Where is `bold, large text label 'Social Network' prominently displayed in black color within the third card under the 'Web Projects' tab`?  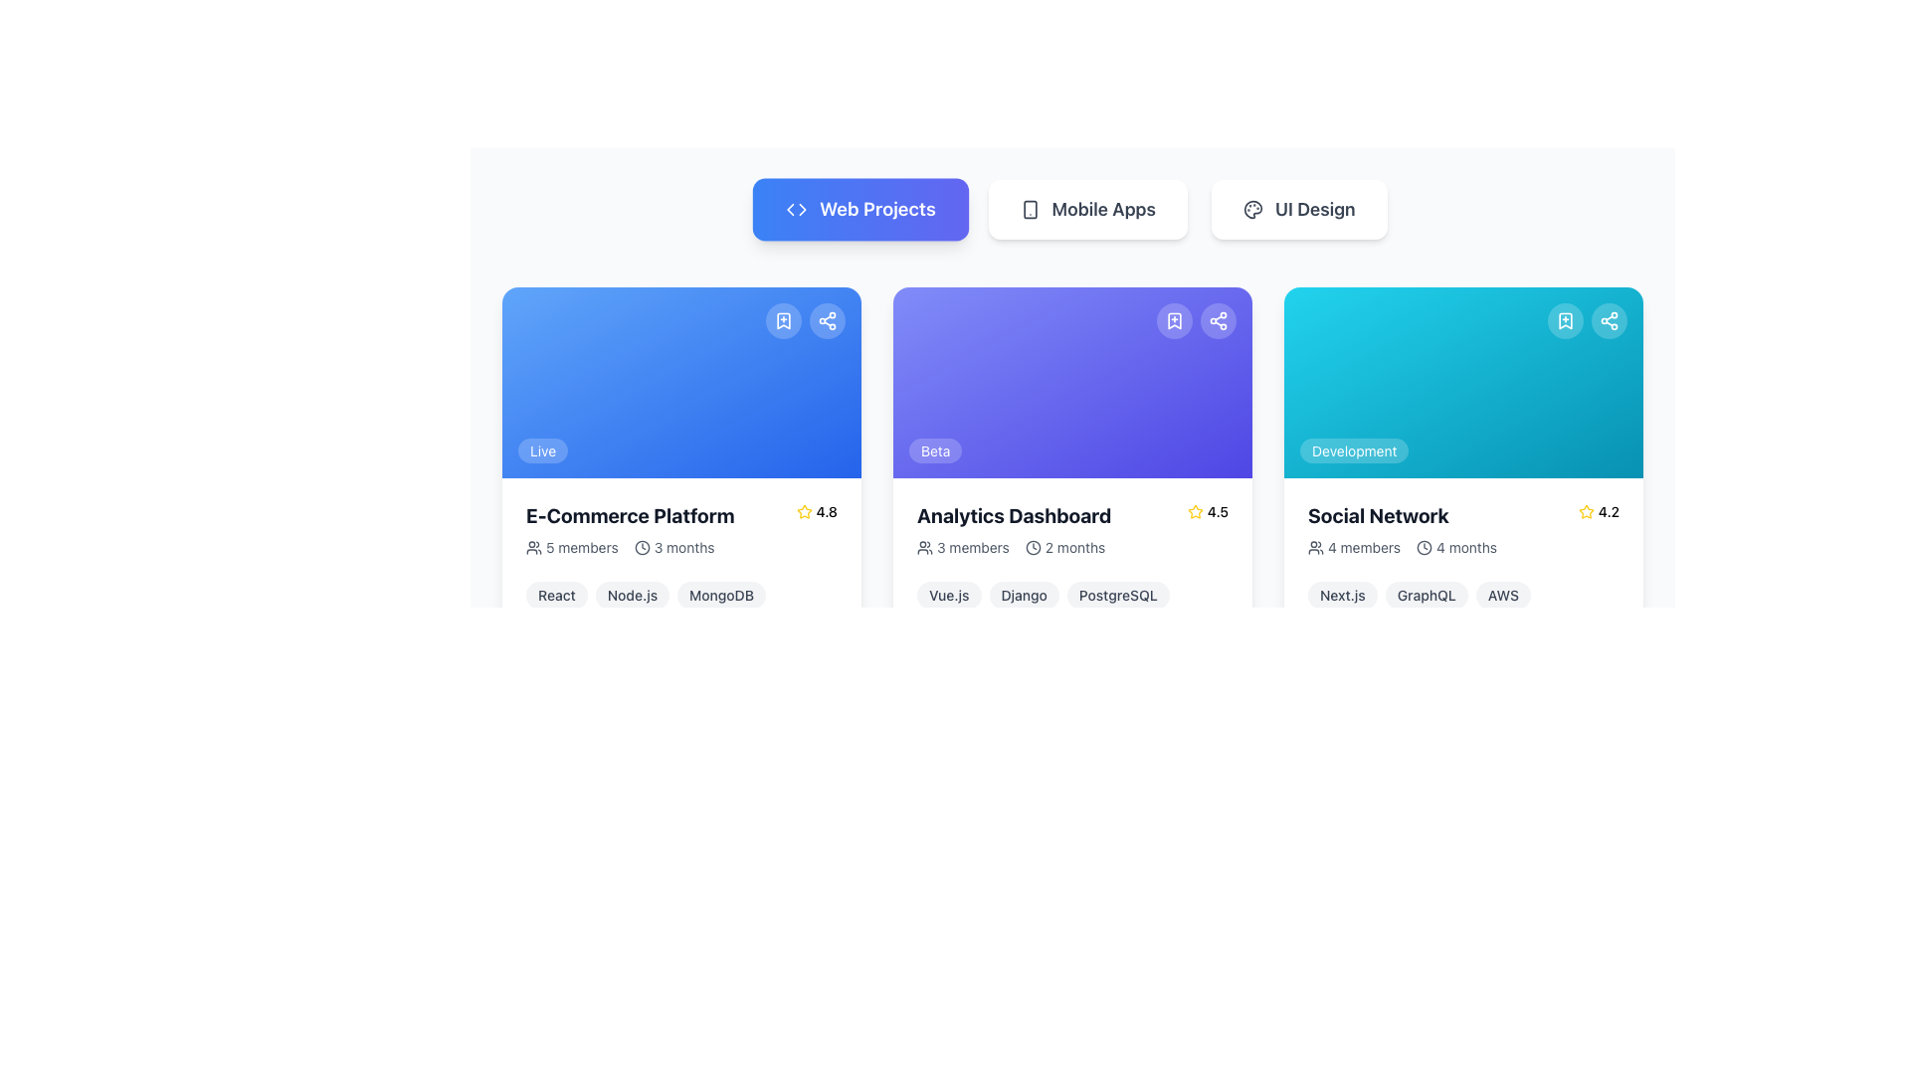
bold, large text label 'Social Network' prominently displayed in black color within the third card under the 'Web Projects' tab is located at coordinates (1377, 515).